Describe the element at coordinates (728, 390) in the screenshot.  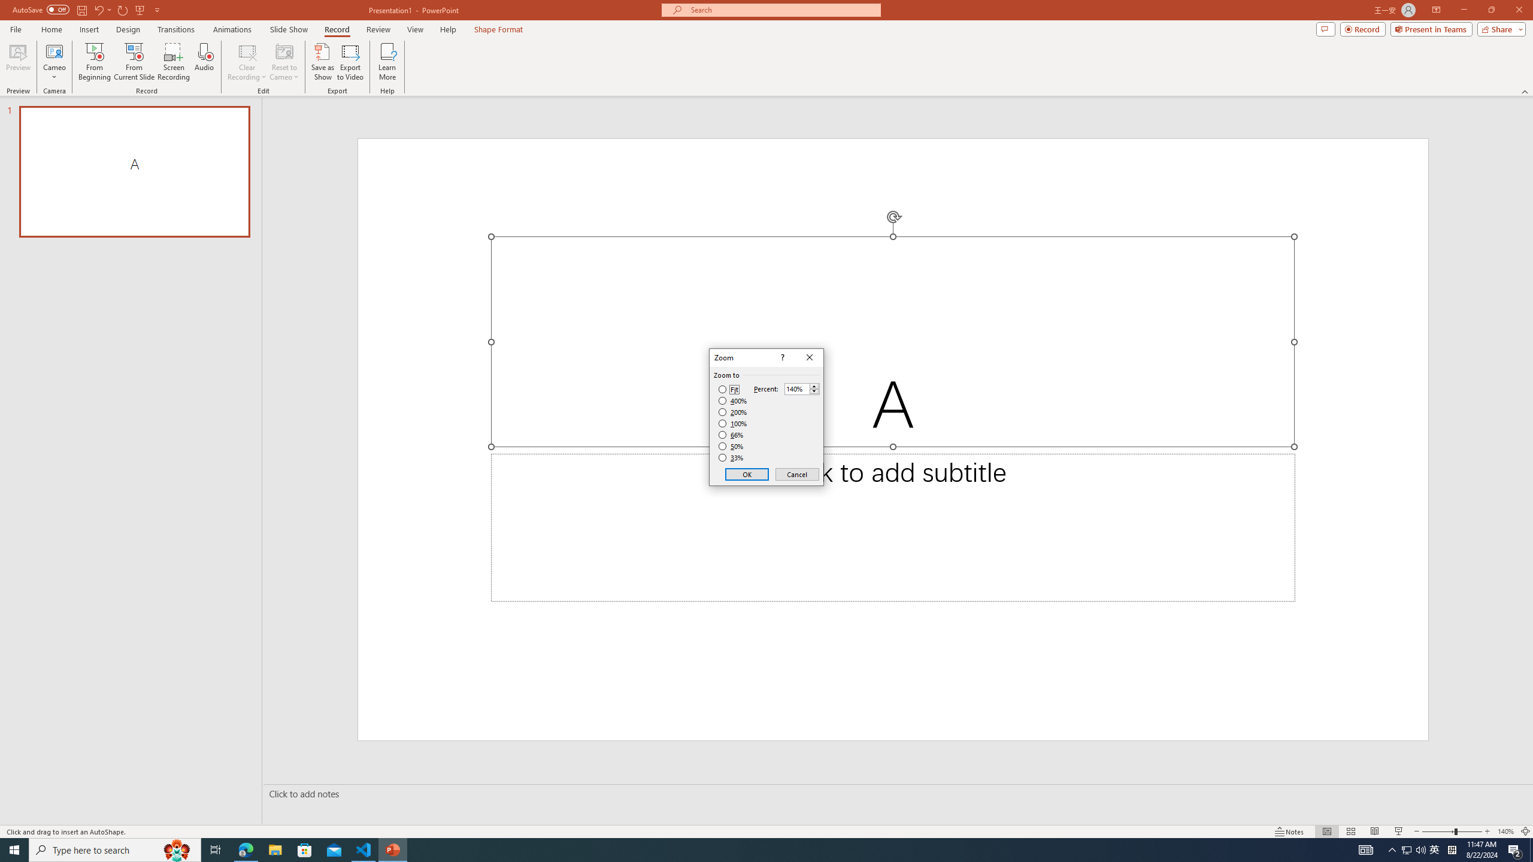
I see `'Fit'` at that location.